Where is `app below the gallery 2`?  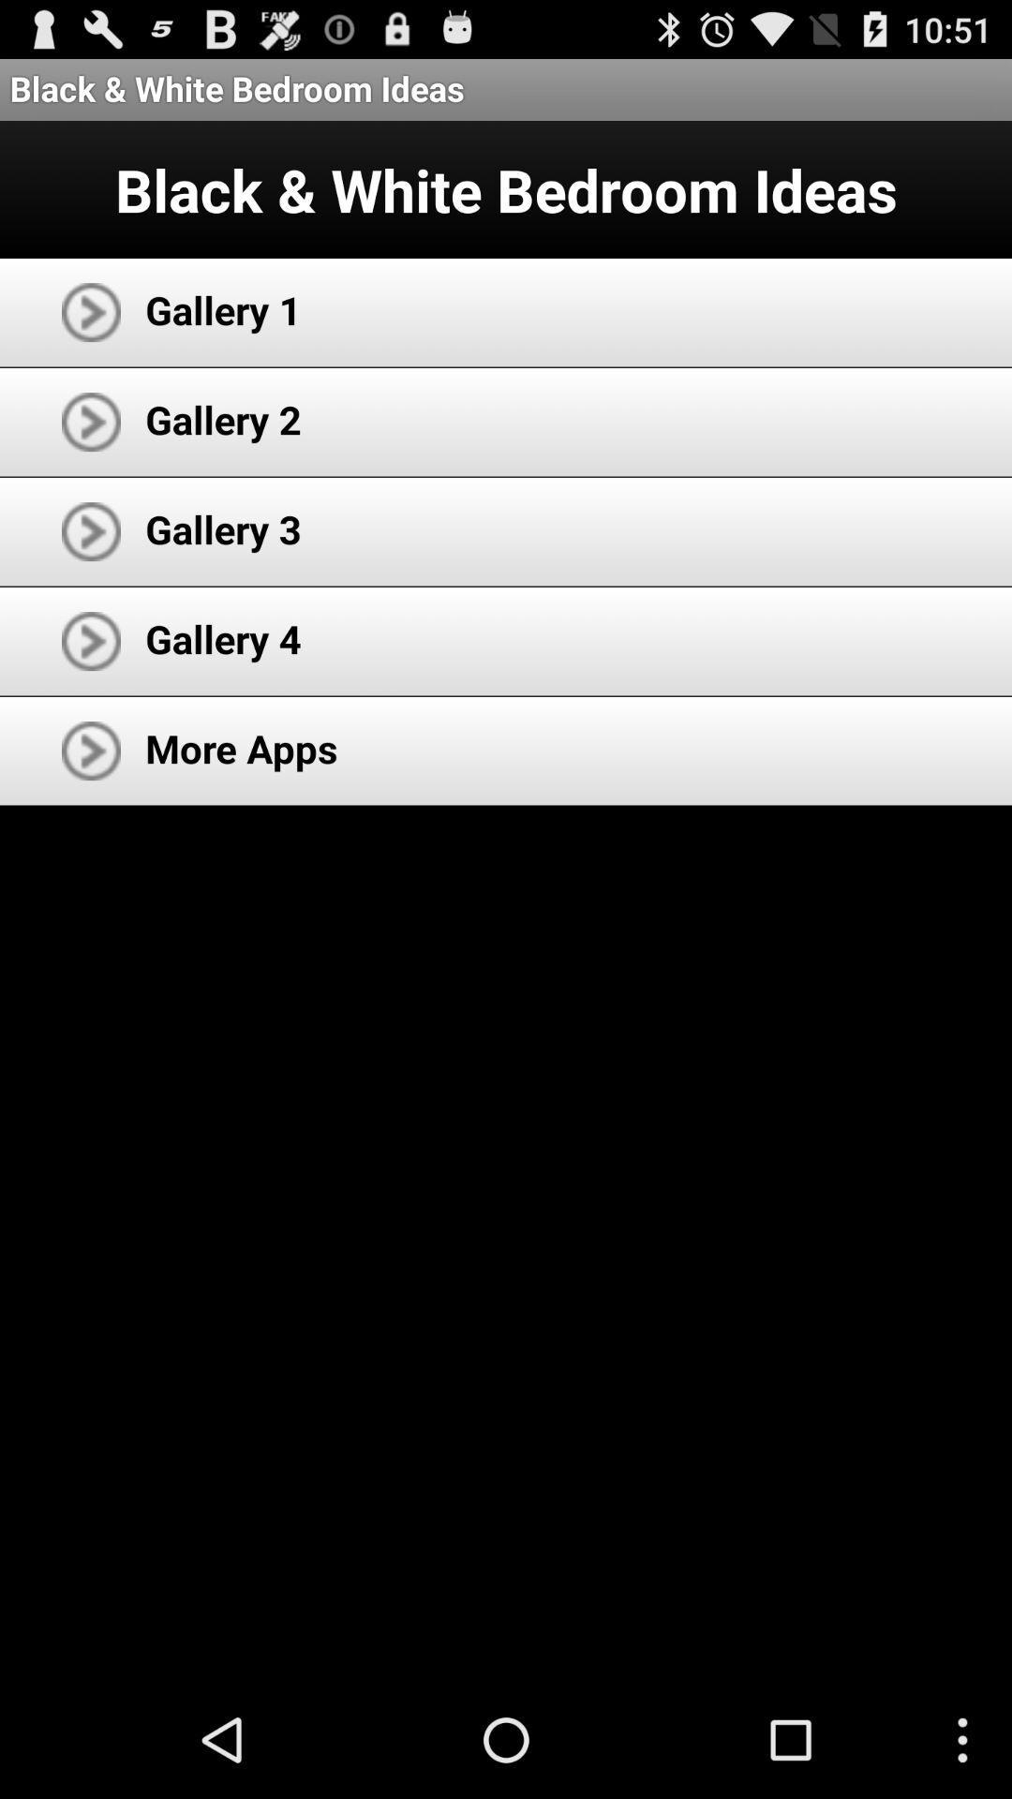
app below the gallery 2 is located at coordinates (222, 528).